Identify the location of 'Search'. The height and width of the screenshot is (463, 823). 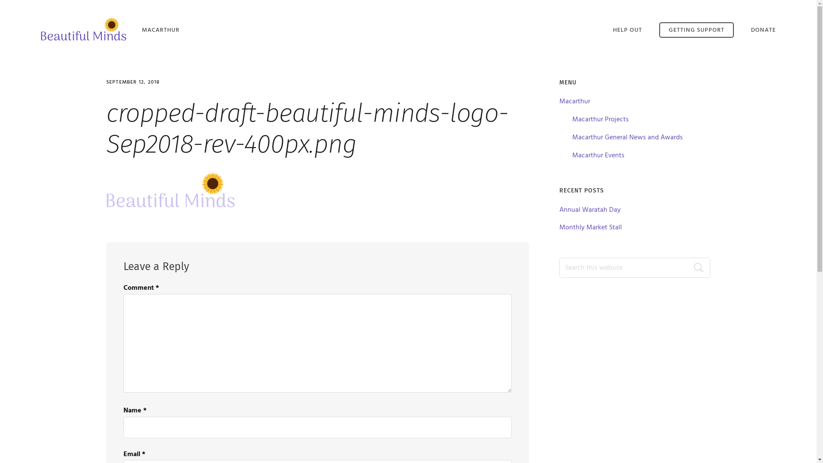
(693, 267).